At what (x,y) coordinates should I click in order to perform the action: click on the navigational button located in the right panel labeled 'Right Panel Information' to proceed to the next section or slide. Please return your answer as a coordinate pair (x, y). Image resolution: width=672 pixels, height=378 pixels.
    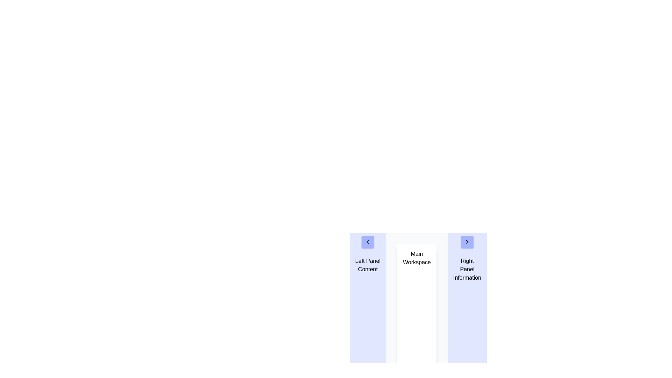
    Looking at the image, I should click on (467, 241).